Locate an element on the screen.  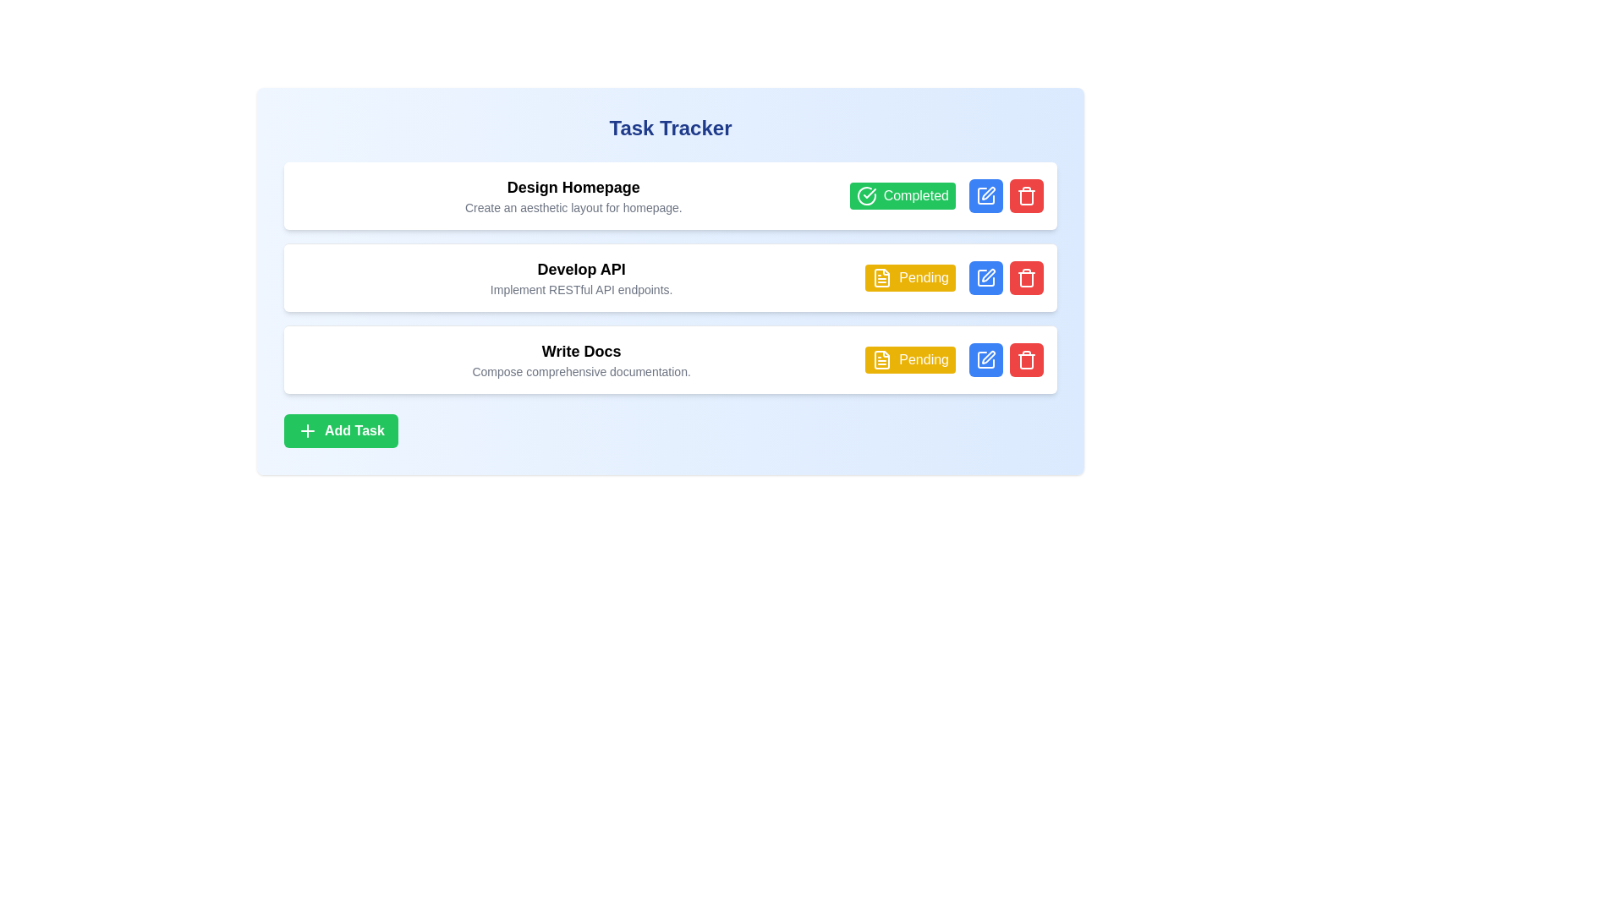
the 'Write Docs' text label, which is styled in bold and larger font, located at the top of the third task item in the task tracker interface is located at coordinates (581, 351).